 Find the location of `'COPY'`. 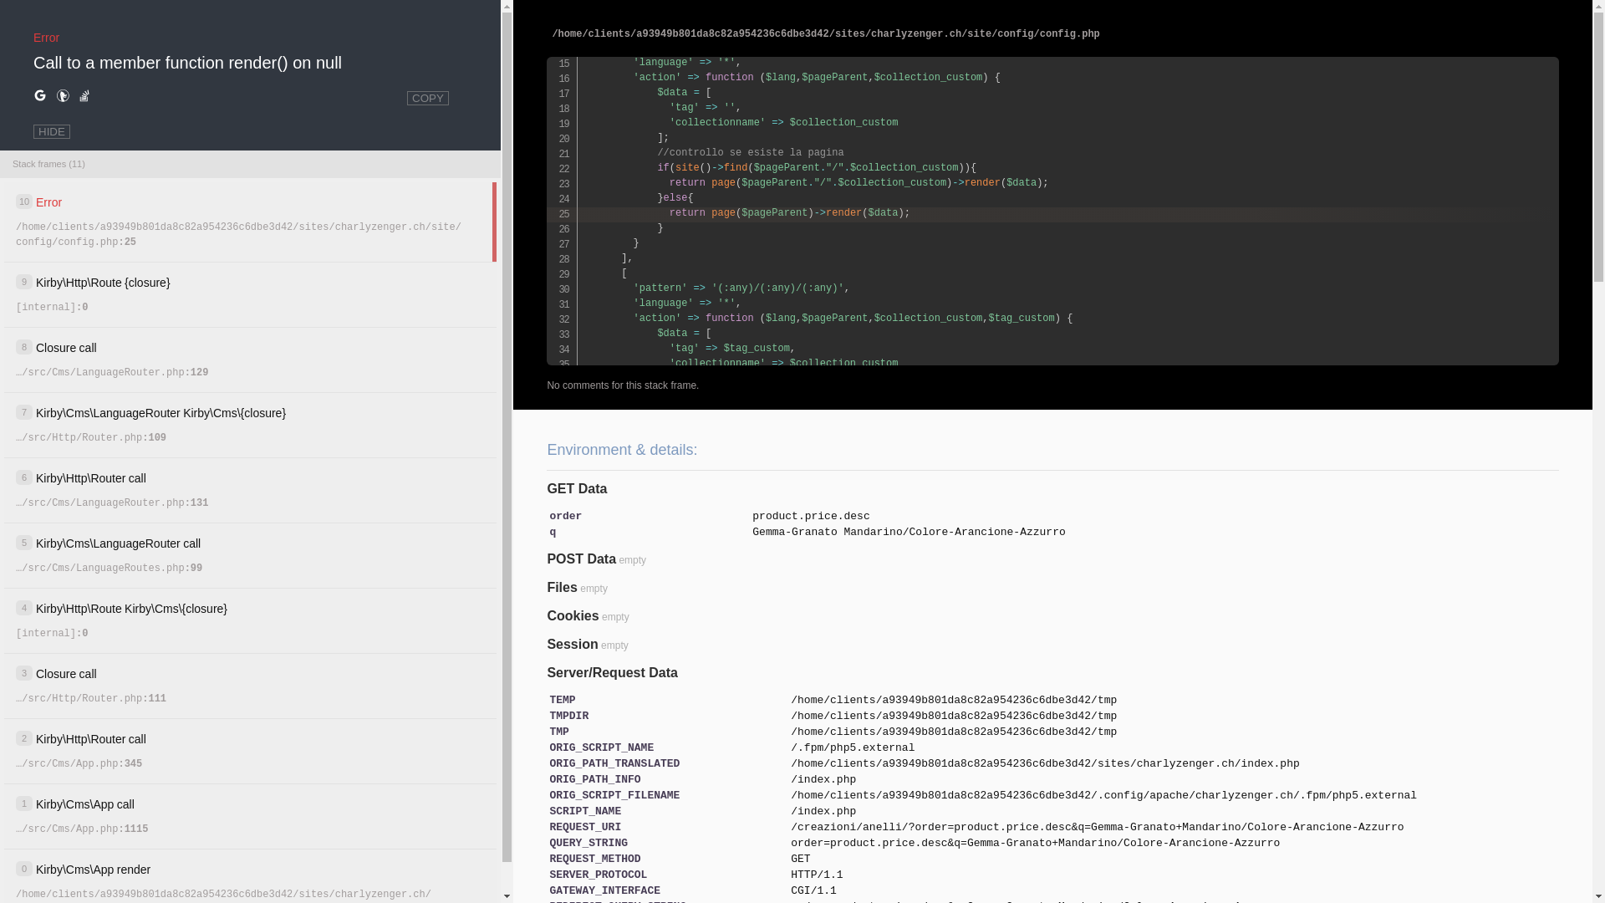

'COPY' is located at coordinates (428, 98).